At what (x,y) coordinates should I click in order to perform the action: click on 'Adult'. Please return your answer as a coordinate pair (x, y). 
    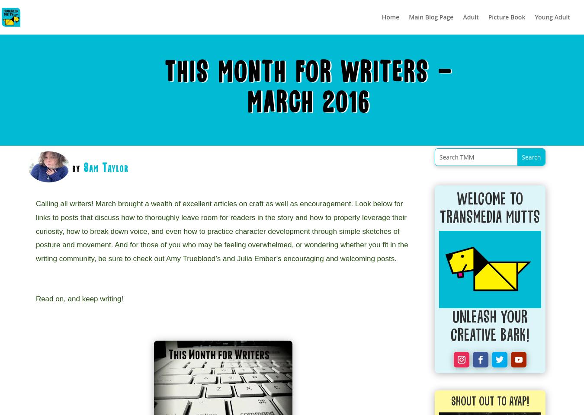
    Looking at the image, I should click on (470, 16).